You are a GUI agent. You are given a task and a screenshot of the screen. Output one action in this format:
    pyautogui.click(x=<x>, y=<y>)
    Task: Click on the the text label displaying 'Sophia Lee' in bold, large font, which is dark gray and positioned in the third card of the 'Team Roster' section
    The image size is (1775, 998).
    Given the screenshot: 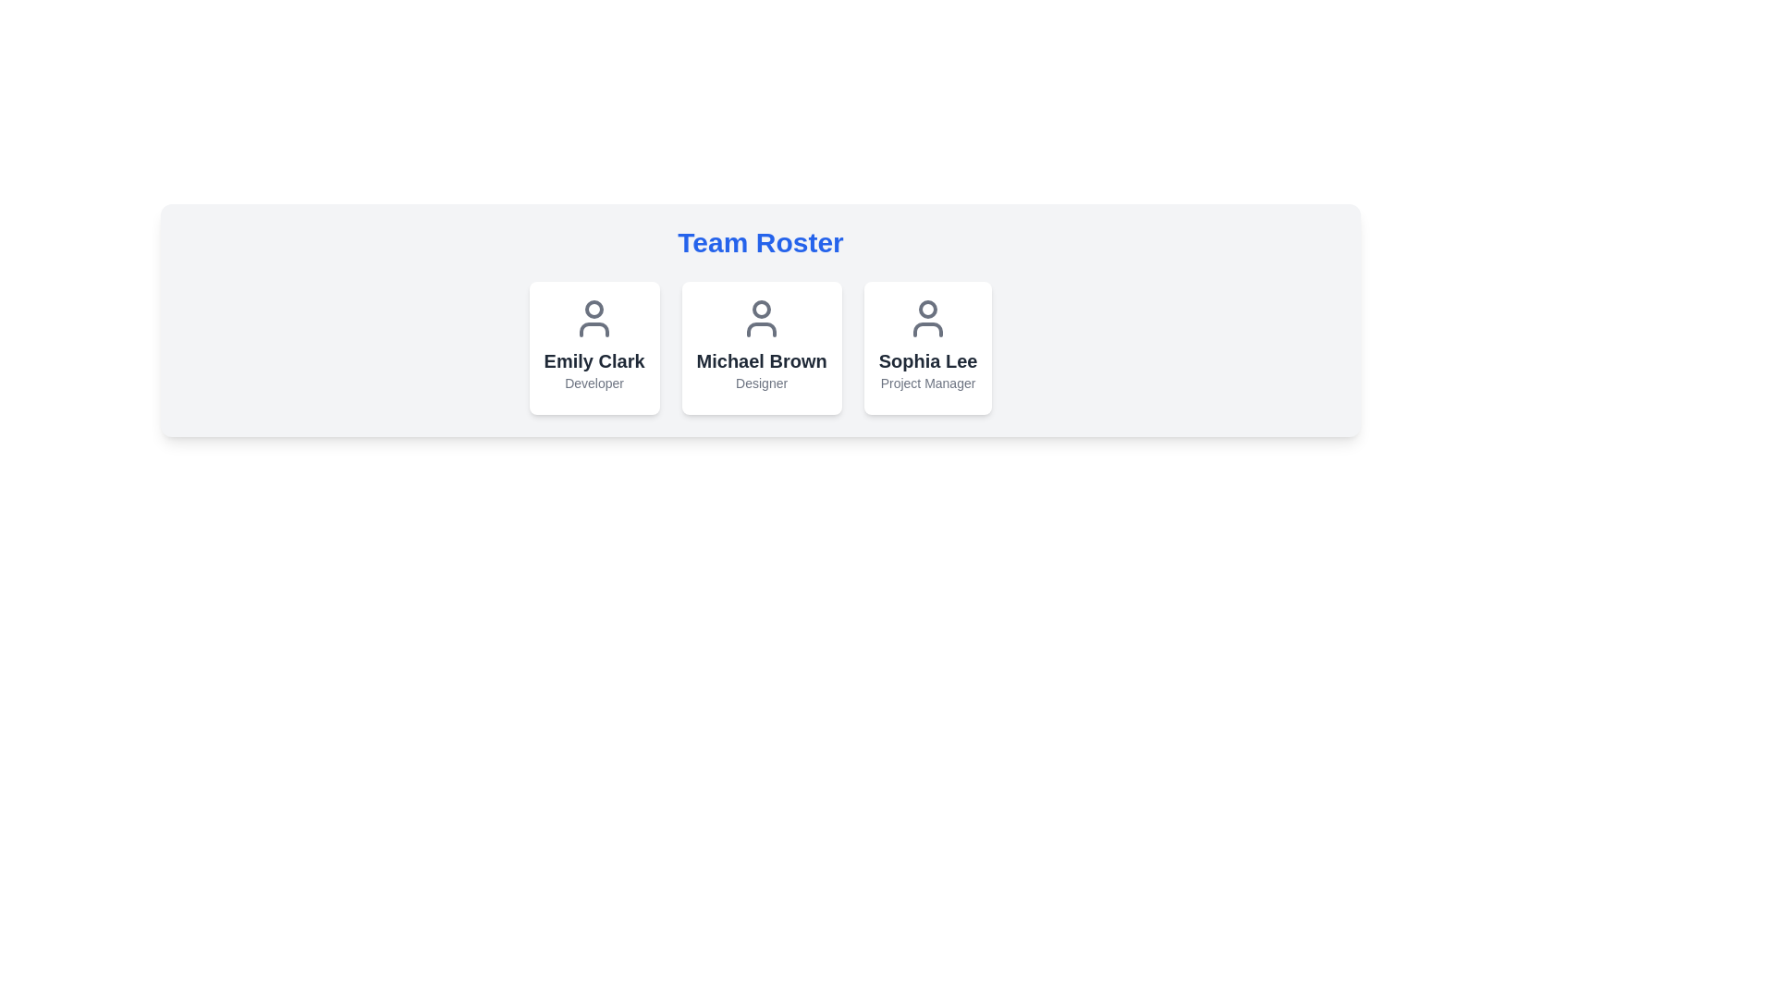 What is the action you would take?
    pyautogui.click(x=927, y=360)
    